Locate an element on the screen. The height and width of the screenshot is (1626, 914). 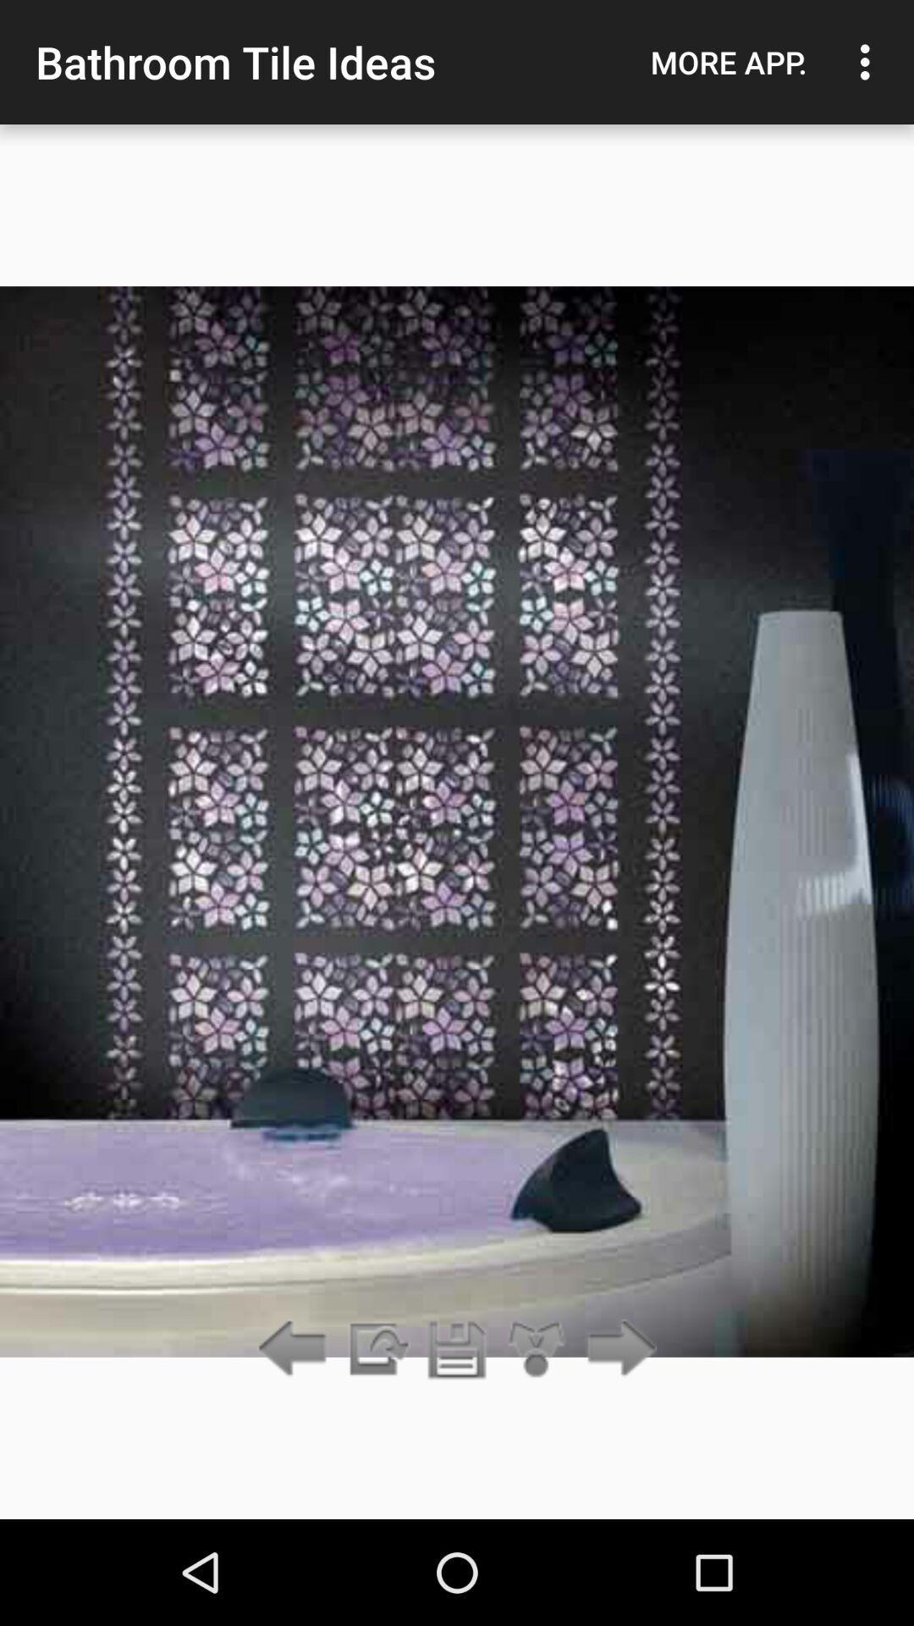
the arrow_forward icon is located at coordinates (617, 1349).